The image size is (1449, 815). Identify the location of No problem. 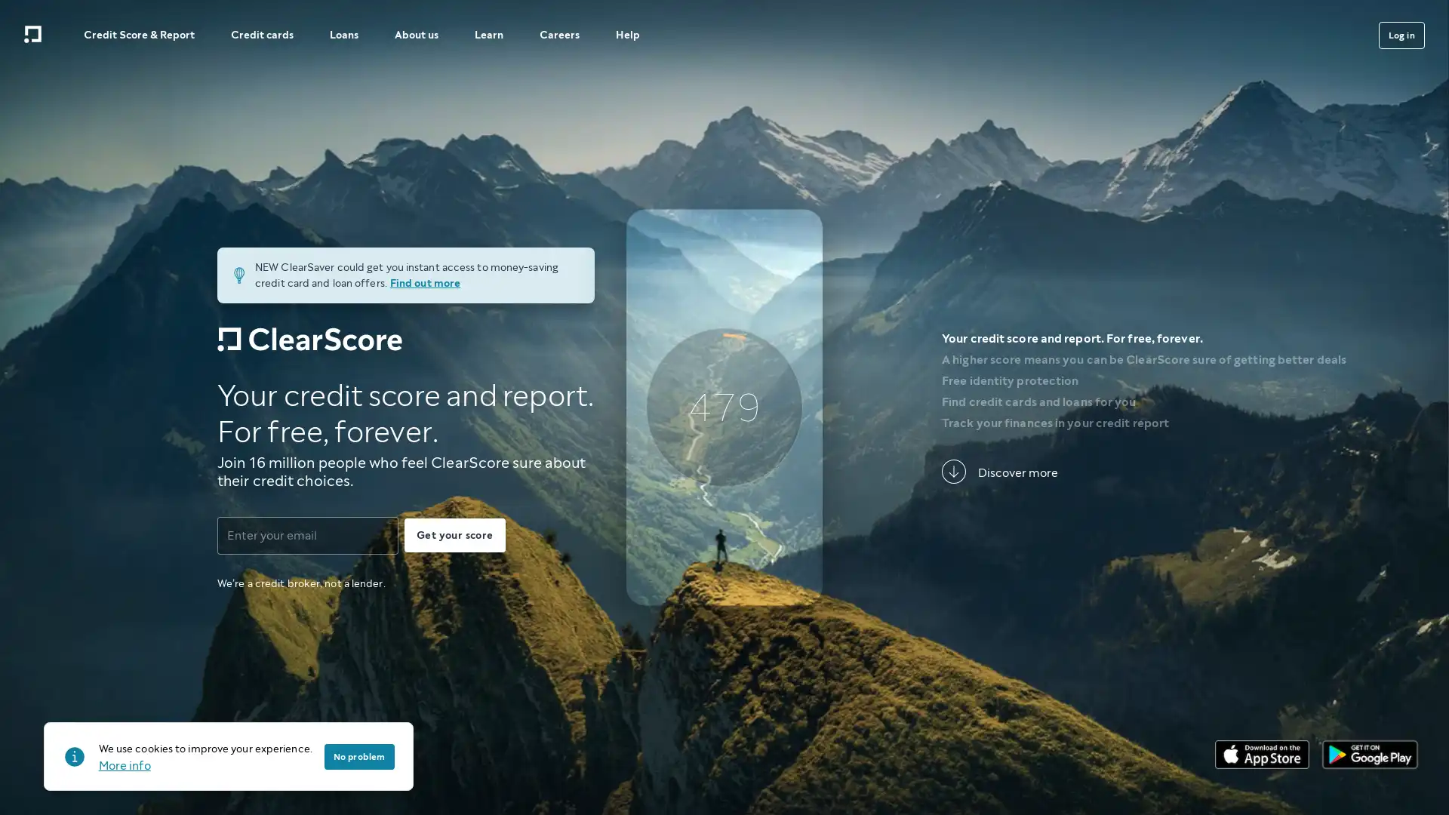
(358, 756).